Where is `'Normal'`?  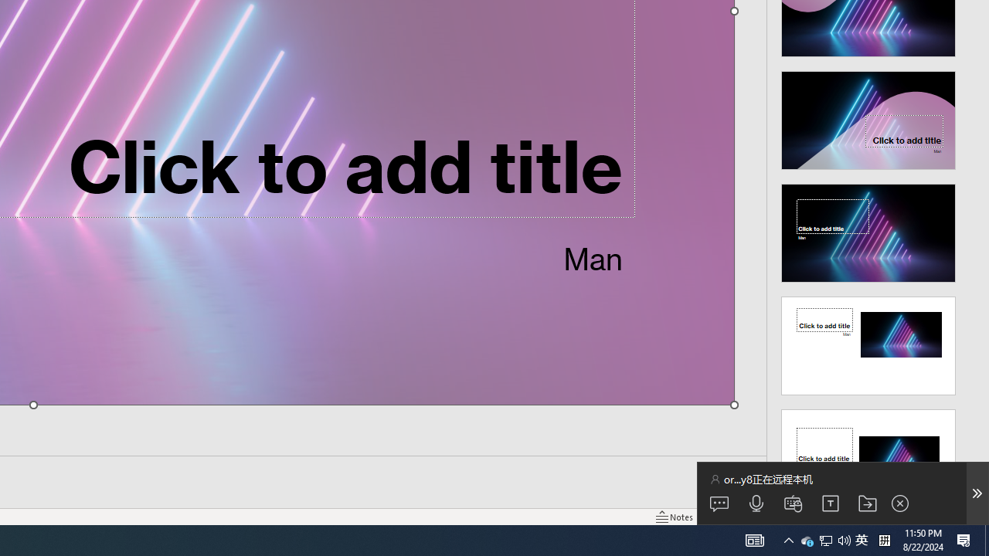 'Normal' is located at coordinates (722, 517).